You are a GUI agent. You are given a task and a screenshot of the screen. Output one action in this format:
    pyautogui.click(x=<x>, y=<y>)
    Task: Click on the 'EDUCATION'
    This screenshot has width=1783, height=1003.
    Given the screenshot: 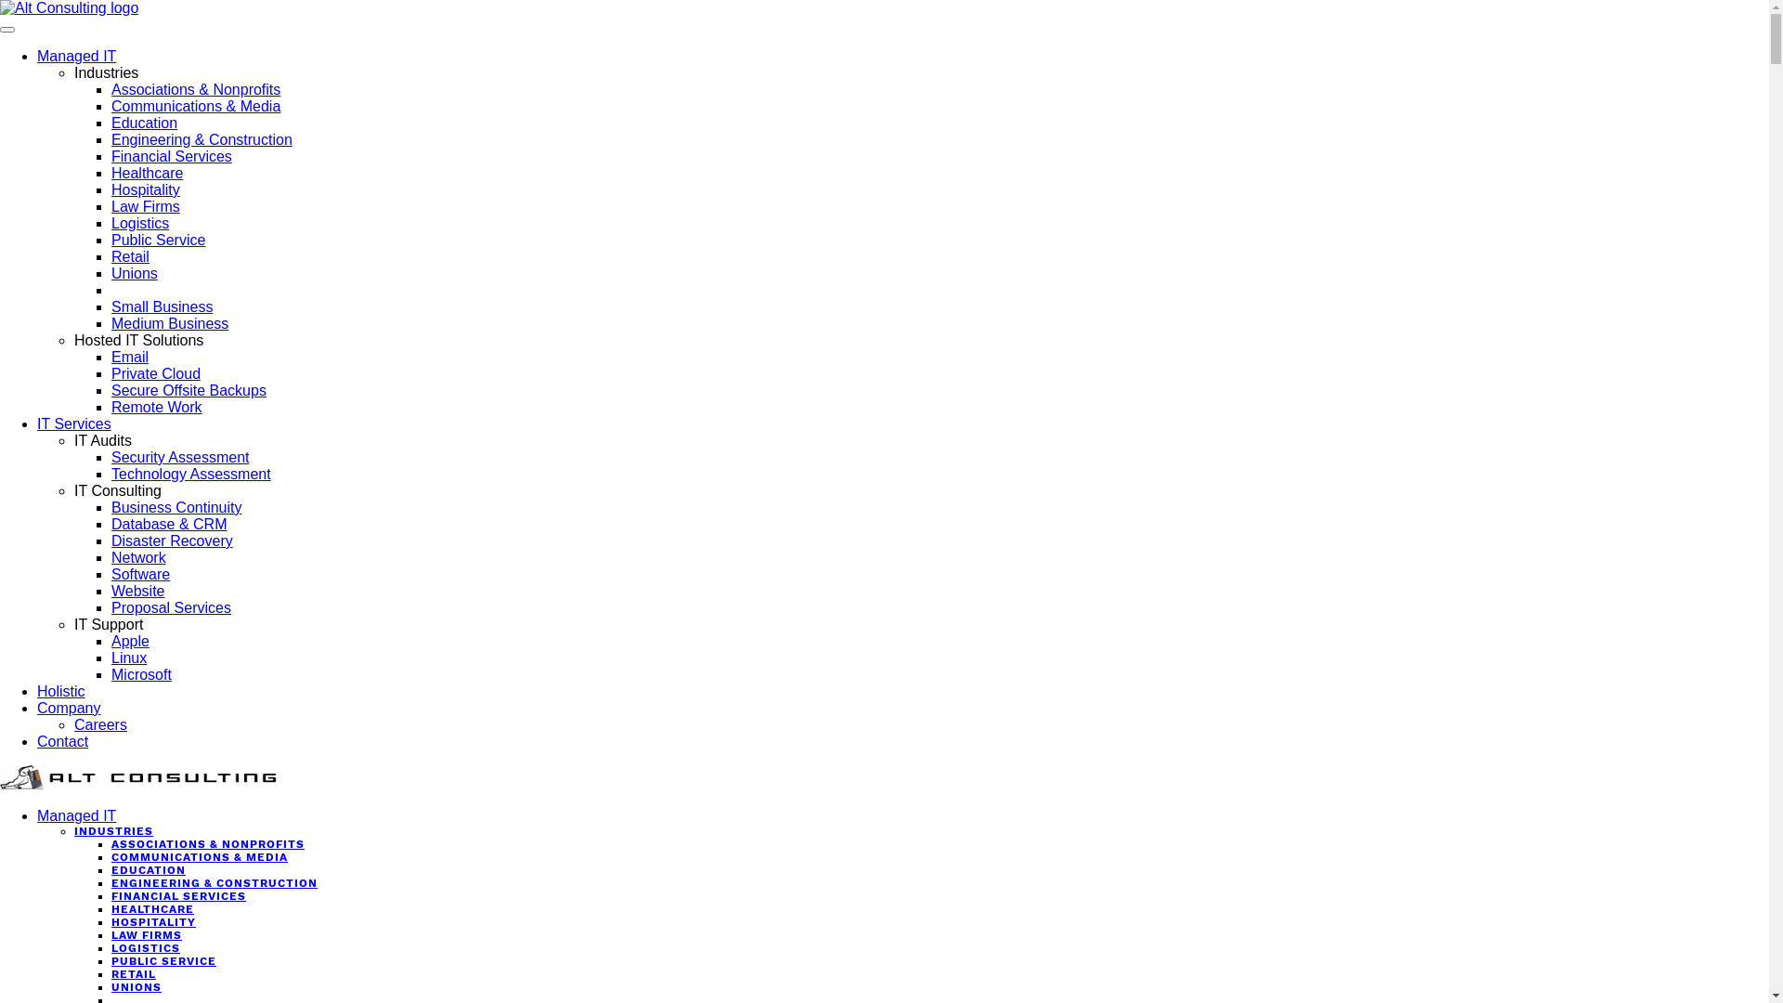 What is the action you would take?
    pyautogui.click(x=147, y=870)
    